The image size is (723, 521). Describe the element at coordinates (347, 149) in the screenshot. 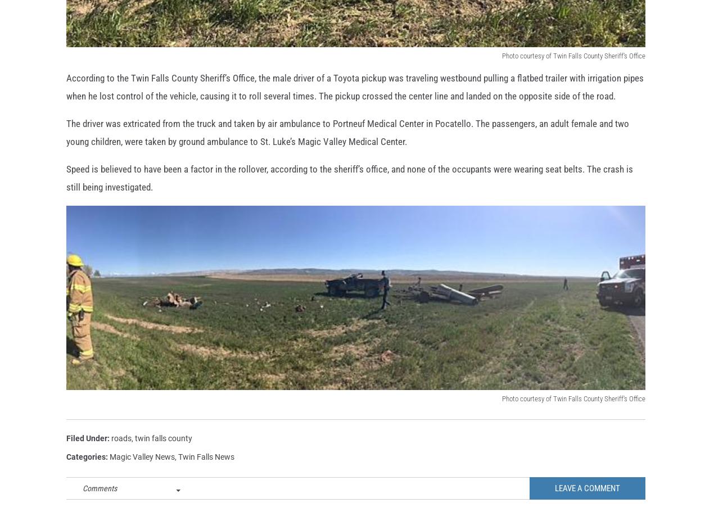

I see `'The driver was extricated from the truck and taken by air ambulance to Portneuf Medical Center in Pocatello. The passengers, an adult female and two young children, were taken by ground ambulance to St. Luke’s Magic Valley Medical Center.'` at that location.